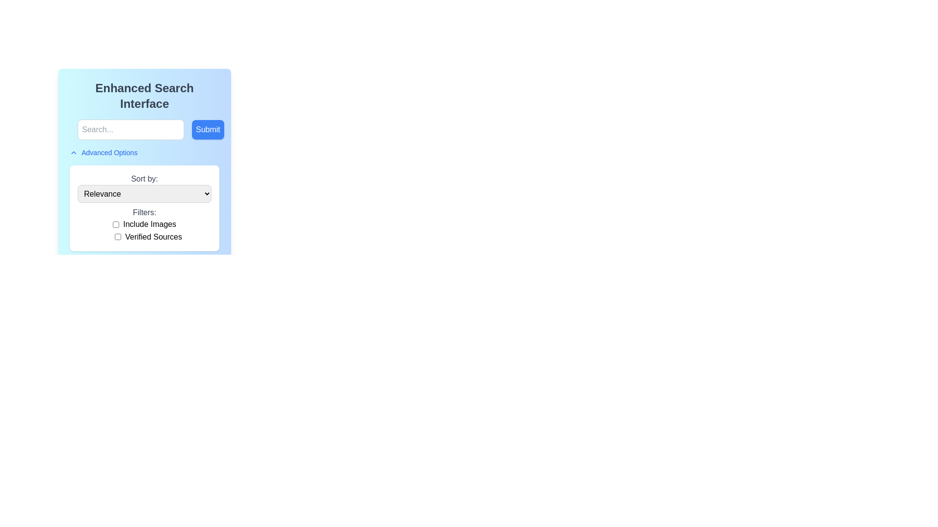 The image size is (938, 527). I want to click on the labels of the checkbox group labeled 'Filters:', which includes options 'Include Images' and 'Verified Sources', so click(144, 225).